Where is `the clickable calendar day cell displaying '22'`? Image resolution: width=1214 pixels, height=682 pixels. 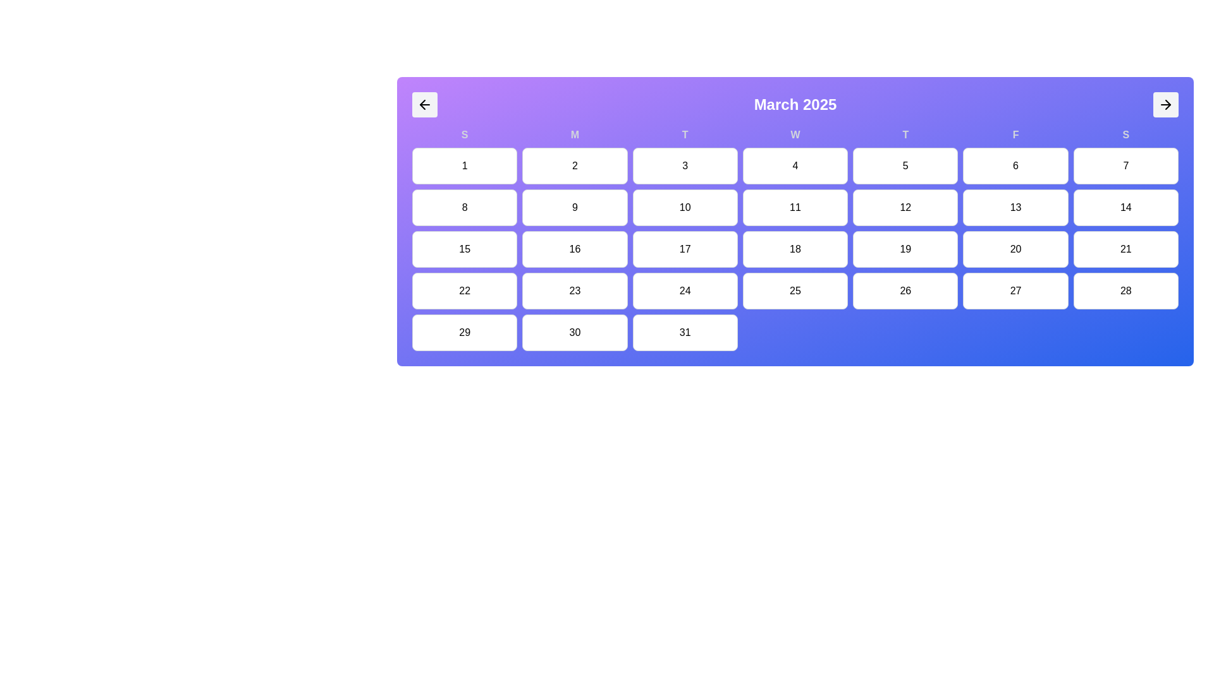 the clickable calendar day cell displaying '22' is located at coordinates (464, 291).